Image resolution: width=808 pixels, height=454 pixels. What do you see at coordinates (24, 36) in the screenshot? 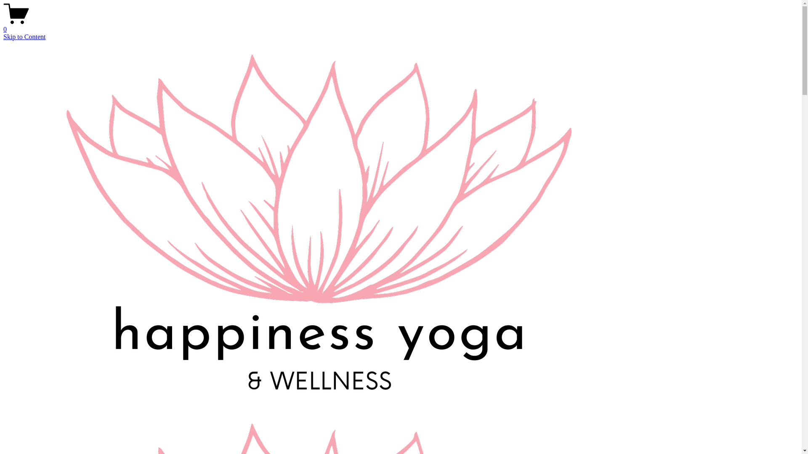
I see `'Skip to Content'` at bounding box center [24, 36].